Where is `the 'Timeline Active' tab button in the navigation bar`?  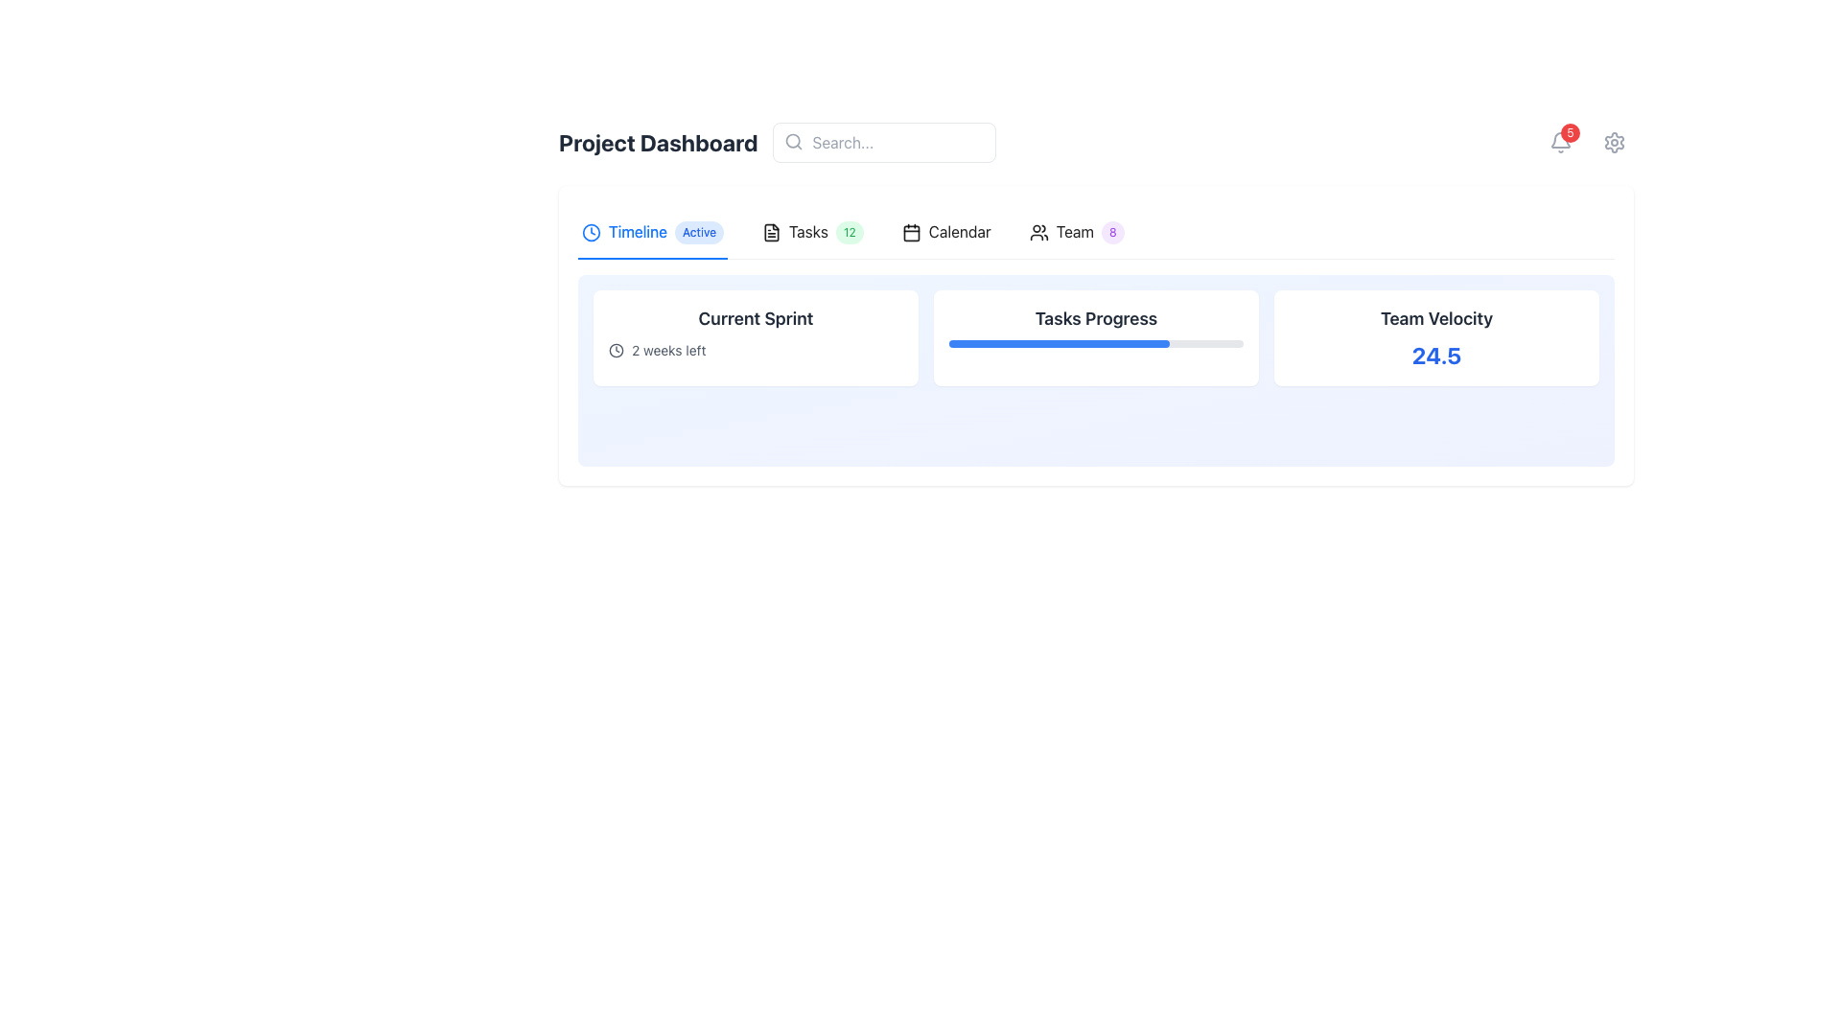 the 'Timeline Active' tab button in the navigation bar is located at coordinates (653, 231).